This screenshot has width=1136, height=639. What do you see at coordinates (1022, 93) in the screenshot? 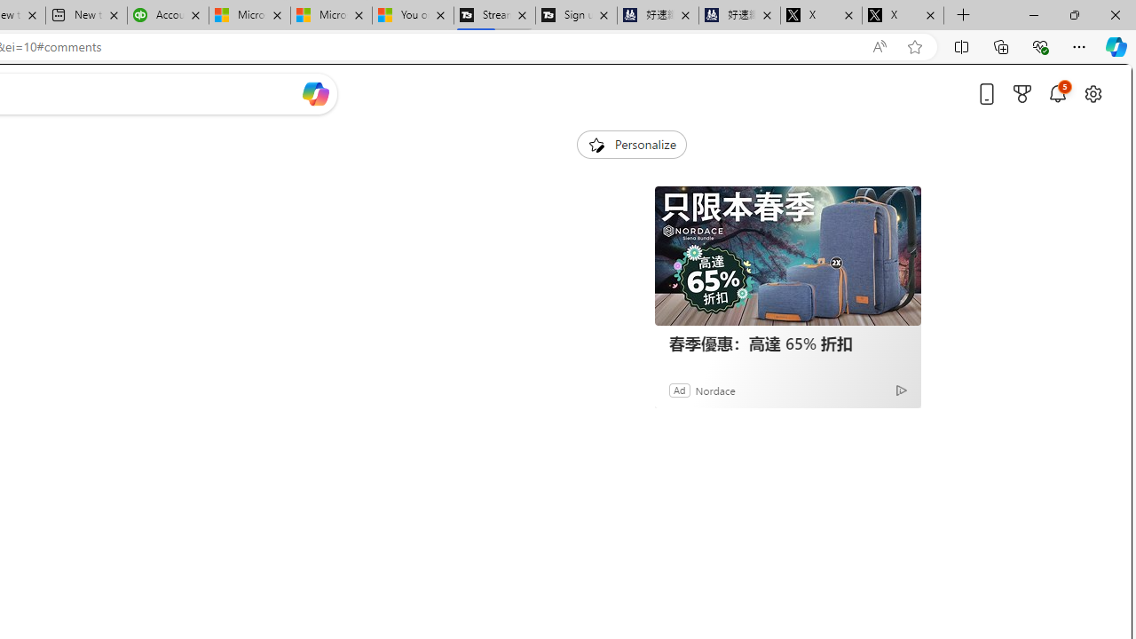
I see `'Microsoft rewards'` at bounding box center [1022, 93].